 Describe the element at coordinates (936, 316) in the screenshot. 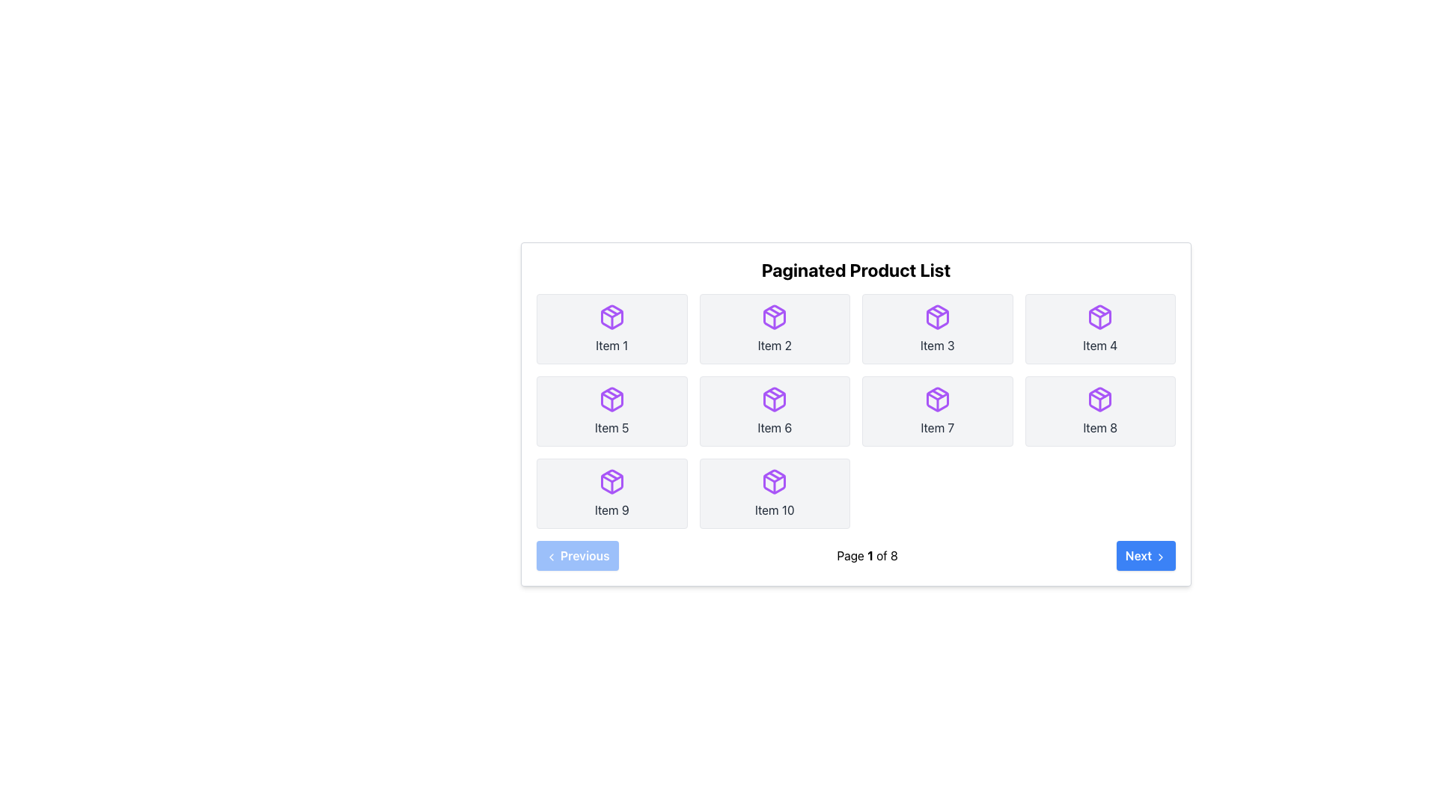

I see `the decorative icon representing 'Item 3', which is located in the third position of a 4-column grid layout within a card labeled 'Item 3'` at that location.